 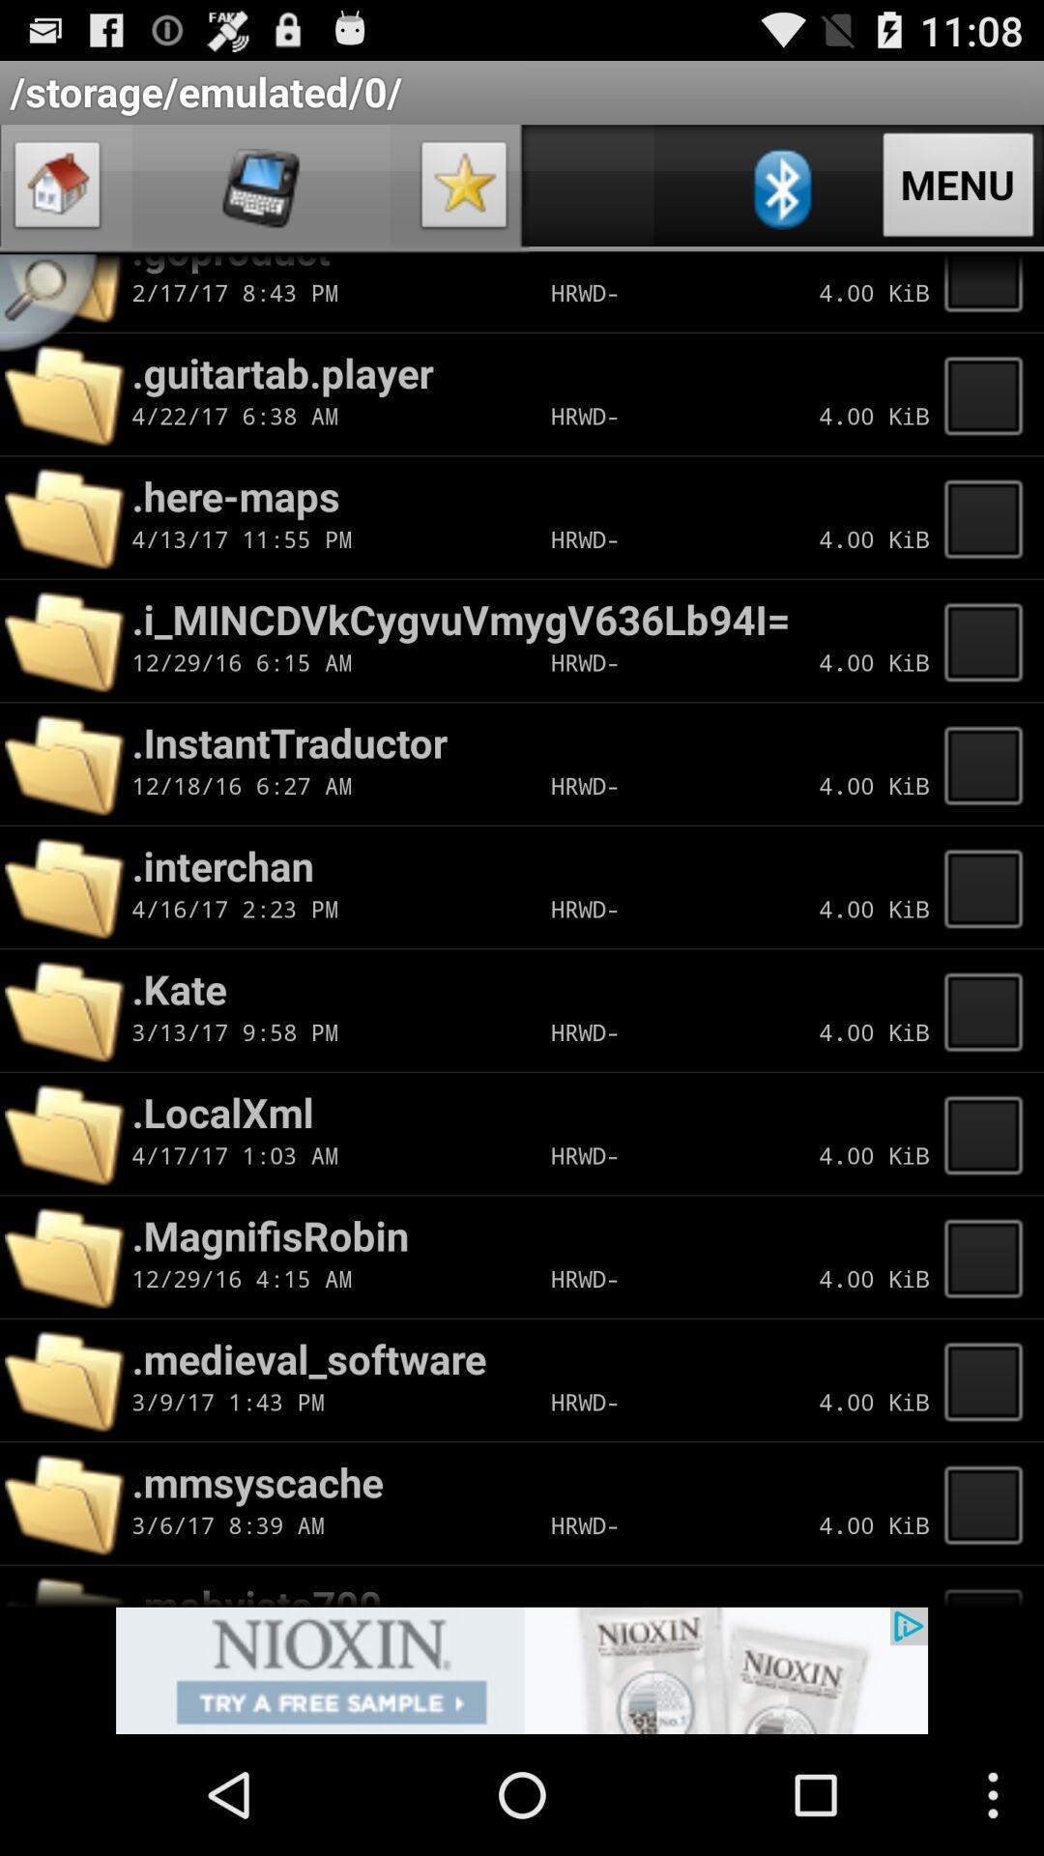 I want to click on this folder, so click(x=989, y=763).